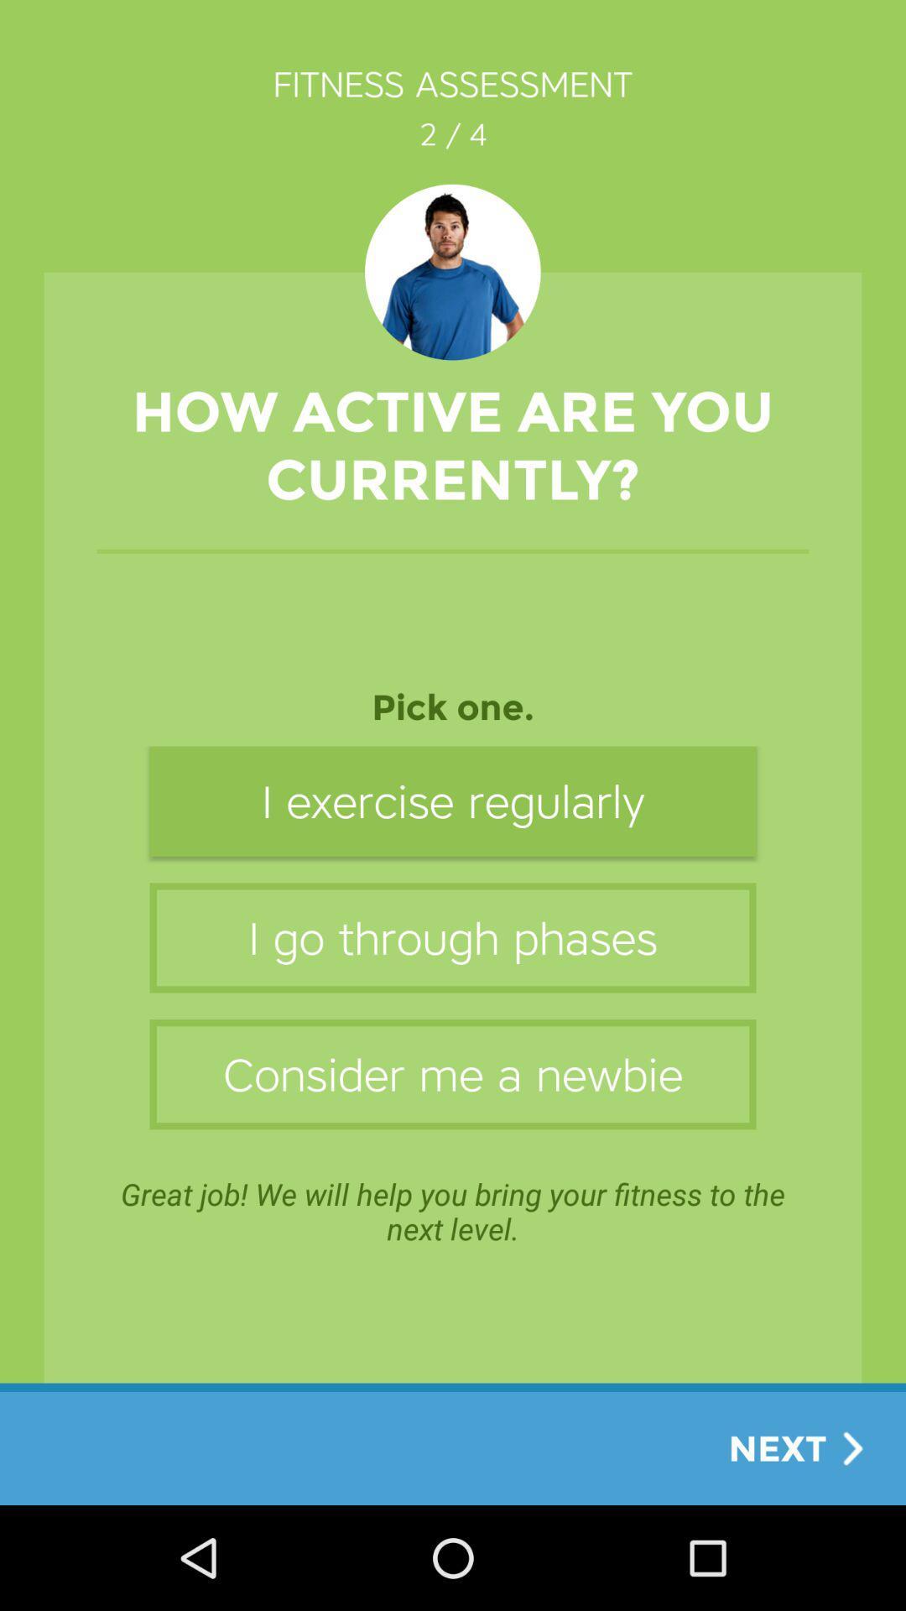 This screenshot has width=906, height=1611. Describe the element at coordinates (453, 936) in the screenshot. I see `icon below the i exercise regularly` at that location.